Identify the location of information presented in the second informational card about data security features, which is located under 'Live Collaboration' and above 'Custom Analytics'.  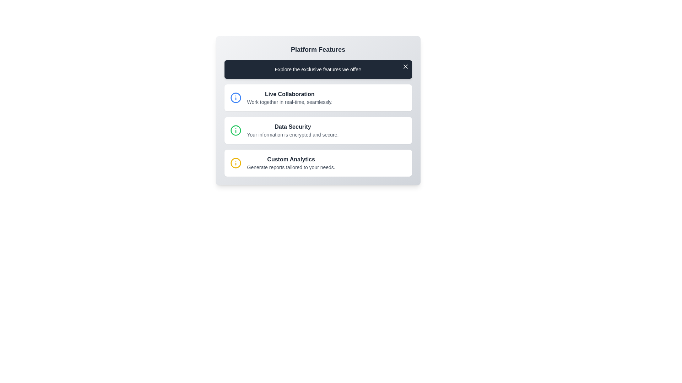
(318, 130).